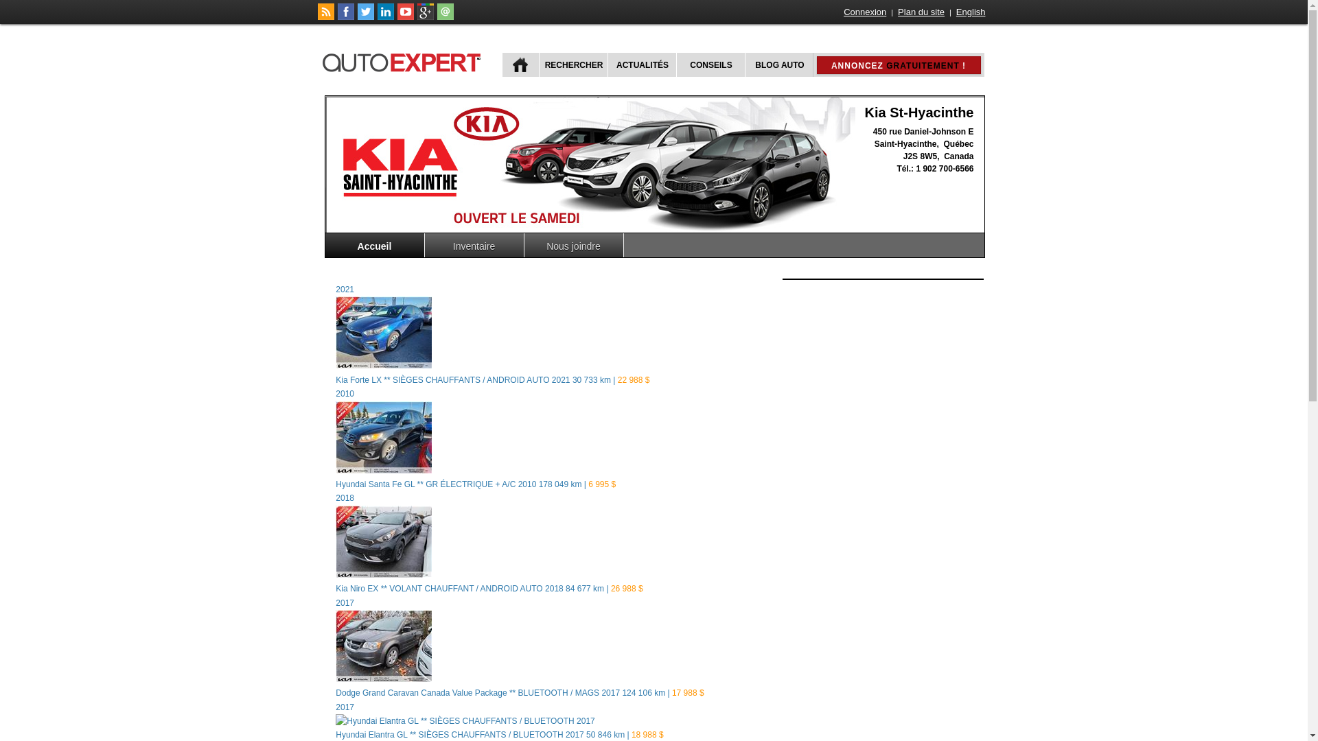  Describe the element at coordinates (375, 244) in the screenshot. I see `'Accueil'` at that location.